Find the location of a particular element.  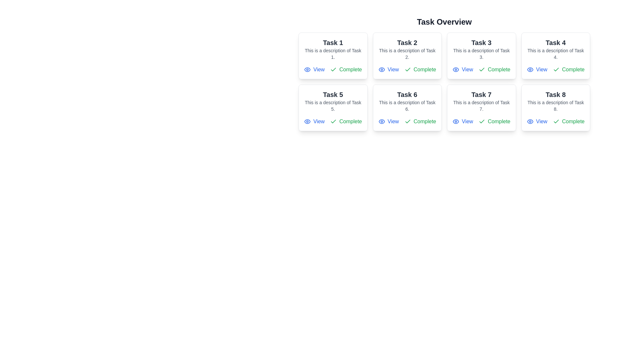

the checkmark icon located in the lower row of task cards, specifically within 'Task 6', adjacent to the text 'Complete' is located at coordinates (407, 122).